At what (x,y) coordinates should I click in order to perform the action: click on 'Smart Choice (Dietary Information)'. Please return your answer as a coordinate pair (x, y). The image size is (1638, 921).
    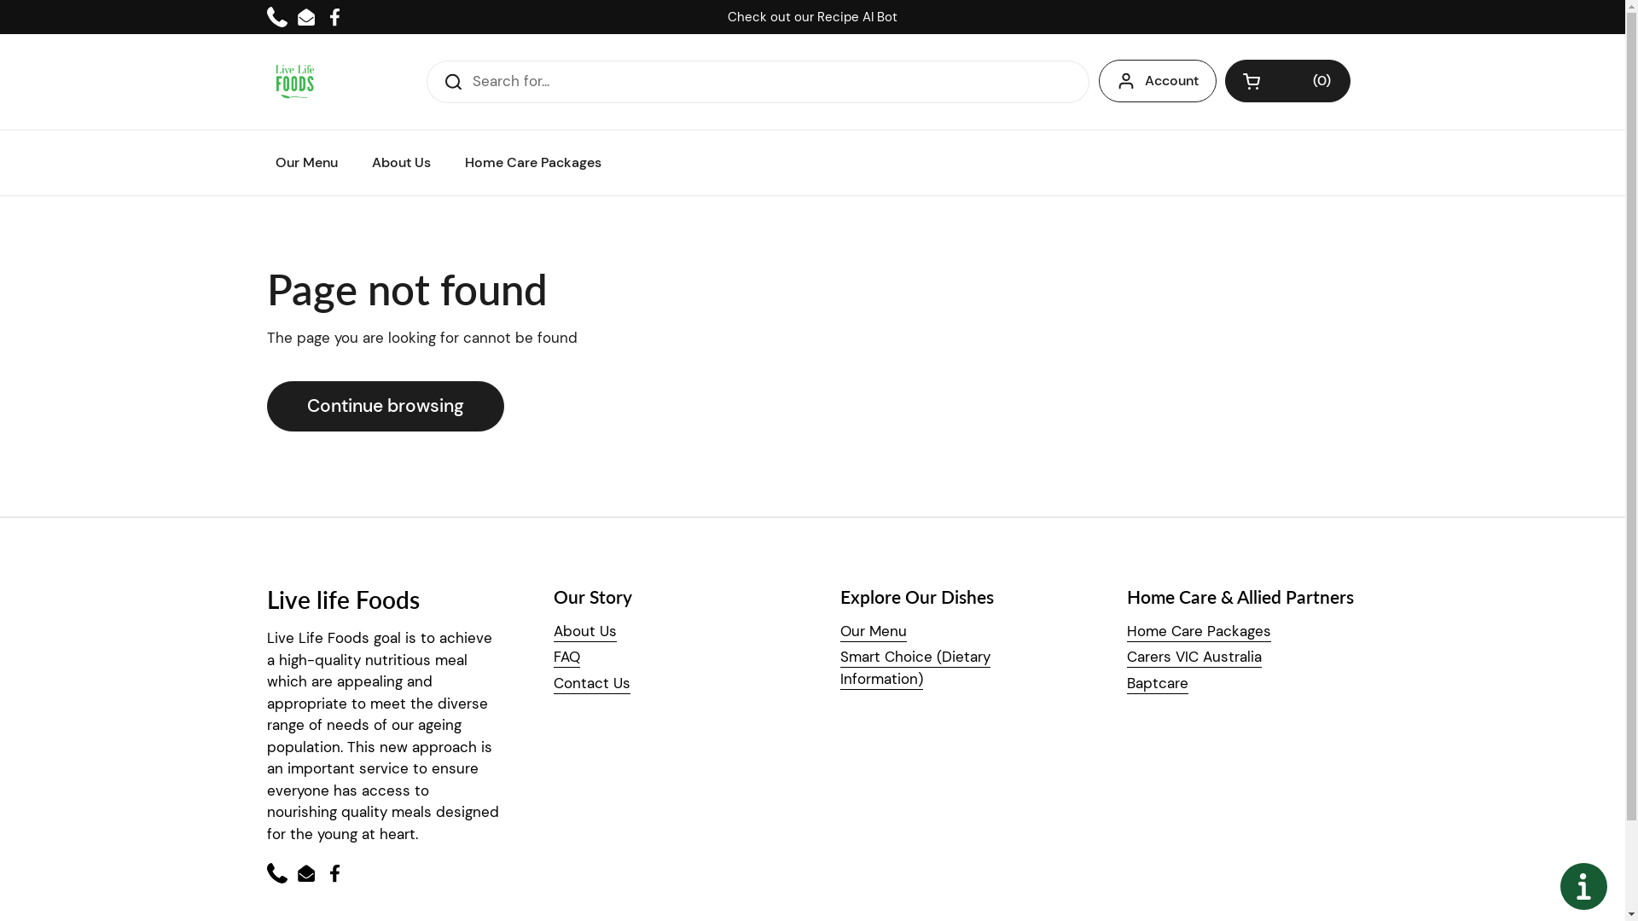
    Looking at the image, I should click on (913, 667).